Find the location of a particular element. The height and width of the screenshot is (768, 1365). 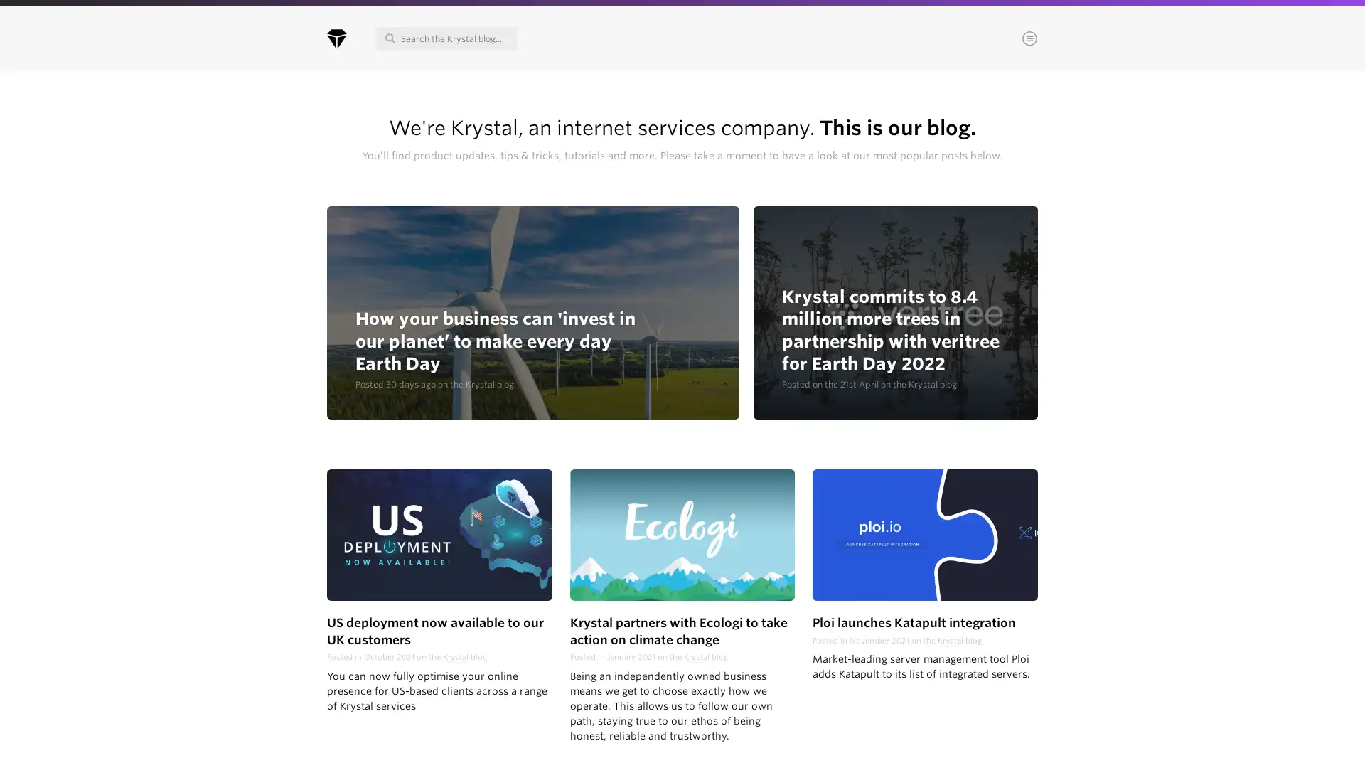

Continue & choose areas of interest is located at coordinates (415, 279).